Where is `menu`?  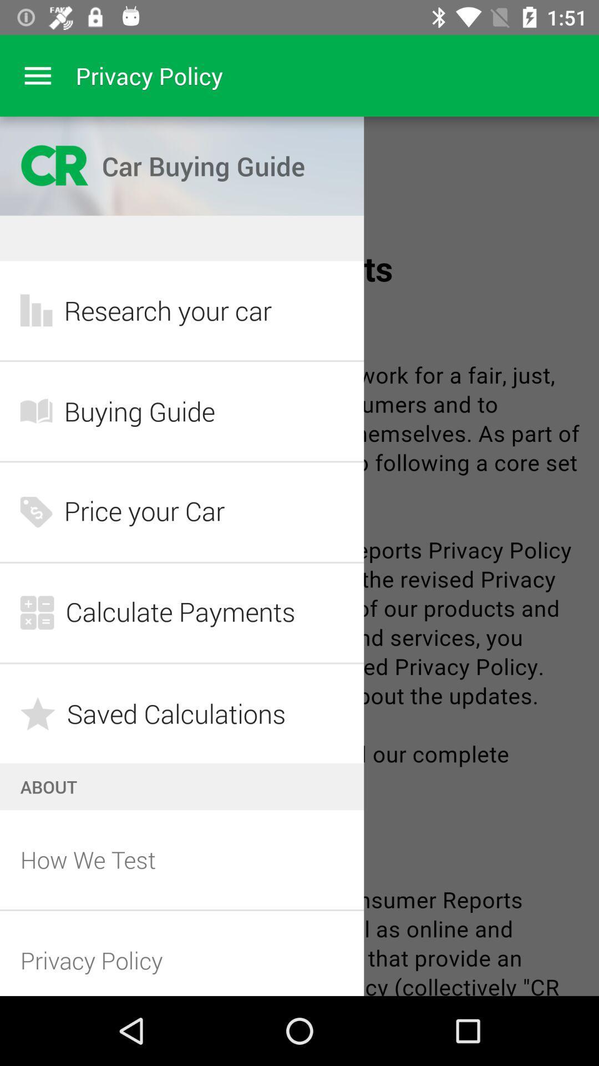
menu is located at coordinates (37, 75).